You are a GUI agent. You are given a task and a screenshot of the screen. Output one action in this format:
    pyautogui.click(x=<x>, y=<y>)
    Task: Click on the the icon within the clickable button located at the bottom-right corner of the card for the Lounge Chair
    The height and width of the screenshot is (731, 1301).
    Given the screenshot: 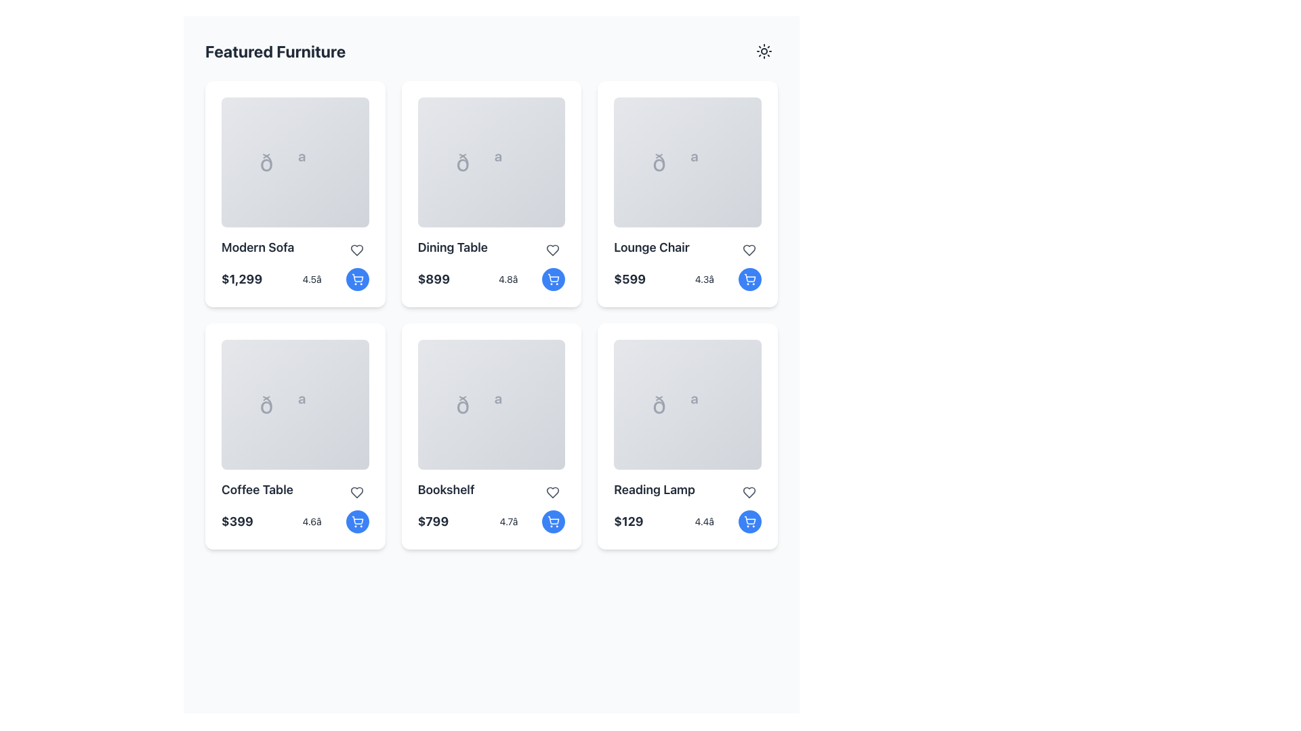 What is the action you would take?
    pyautogui.click(x=749, y=278)
    